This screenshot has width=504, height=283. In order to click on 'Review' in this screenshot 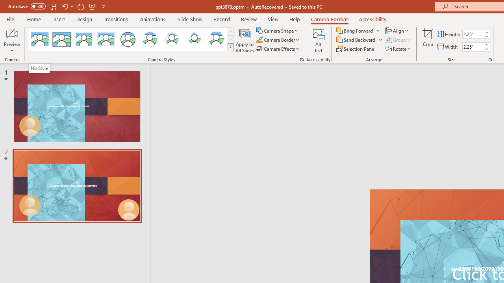, I will do `click(248, 19)`.